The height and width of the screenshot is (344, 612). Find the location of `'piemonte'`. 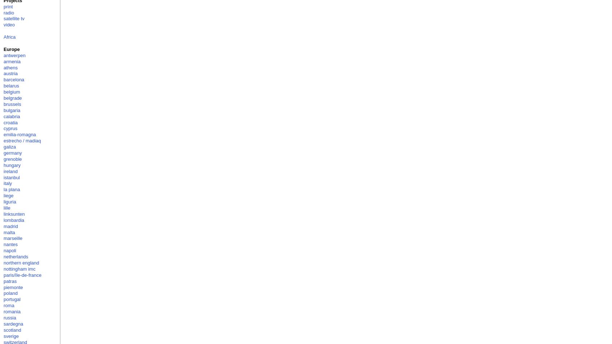

'piemonte' is located at coordinates (13, 287).